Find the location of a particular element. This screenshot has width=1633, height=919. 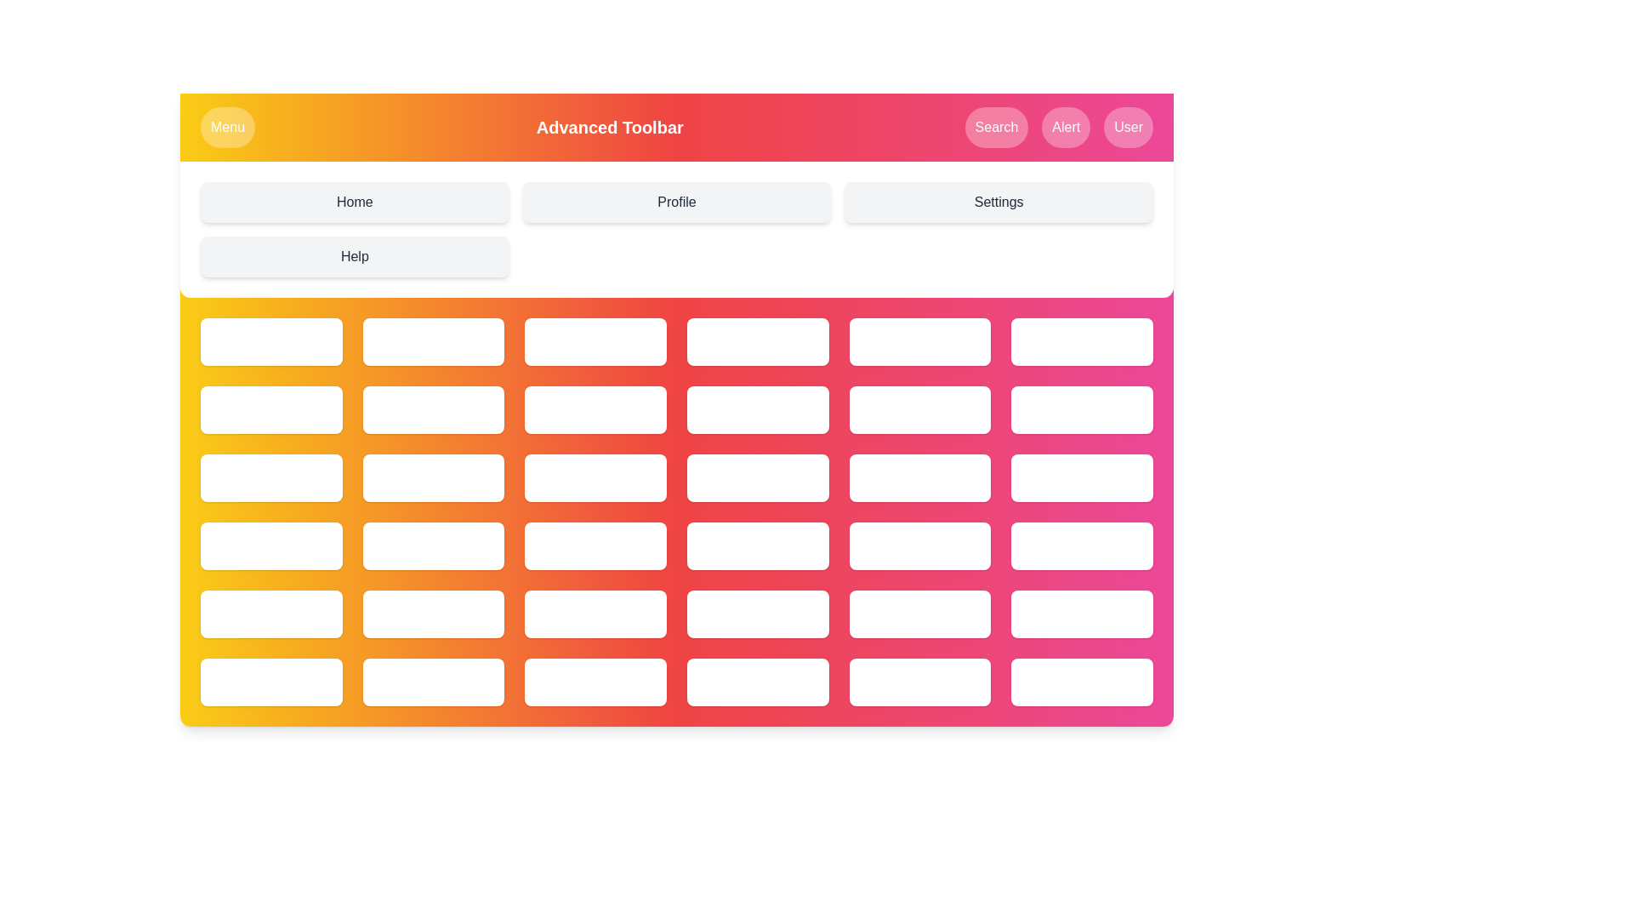

the menu option Help from the grid is located at coordinates (354, 256).